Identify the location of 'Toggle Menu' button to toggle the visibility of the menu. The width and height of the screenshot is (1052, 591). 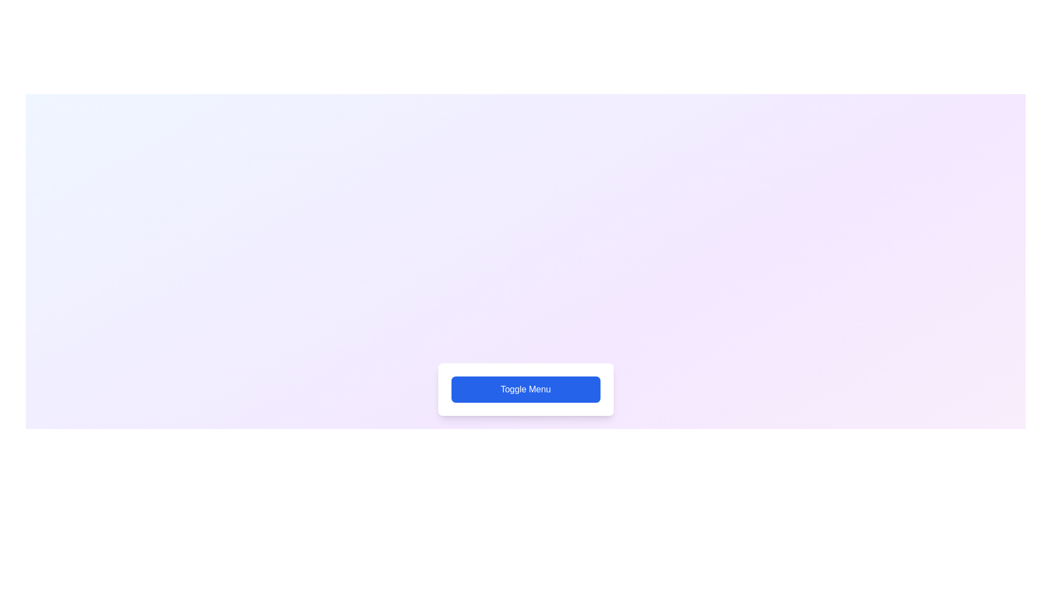
(525, 389).